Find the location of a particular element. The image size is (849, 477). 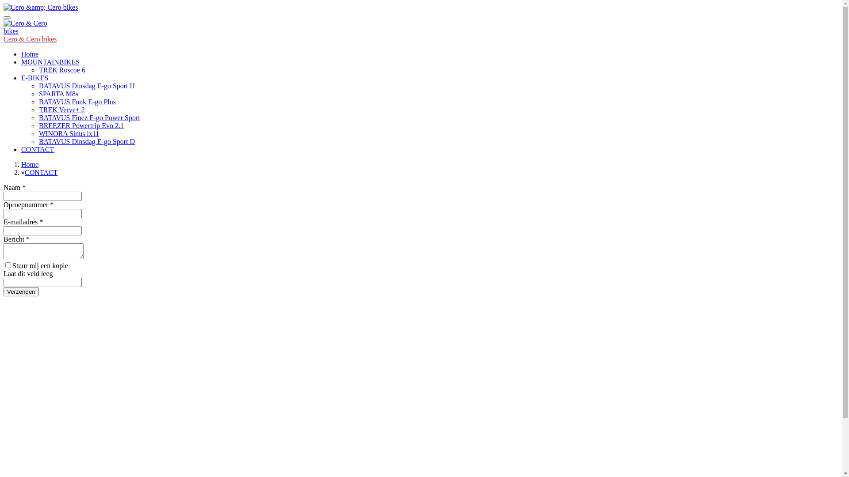

'BATAVUS Dinsdag E-go Sport D' is located at coordinates (87, 141).